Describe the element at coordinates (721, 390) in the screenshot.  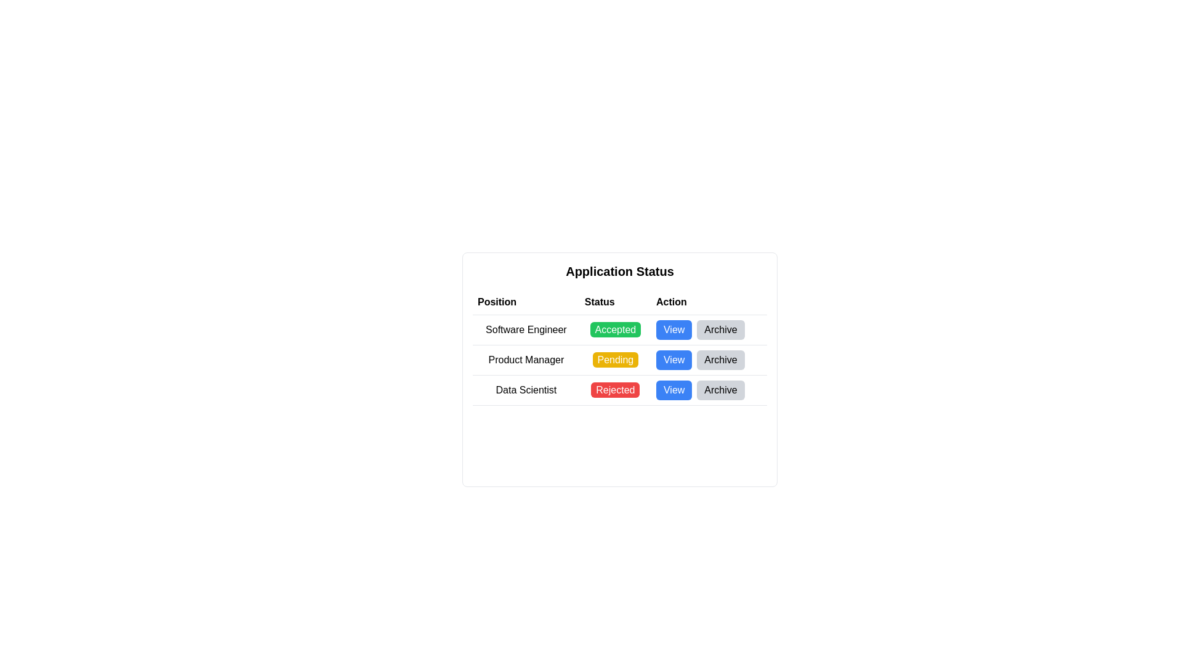
I see `the 'Archive' button, which has a light gray background and black text, located in the 'Action' column for the 'Data Scientist' position in the application status table` at that location.